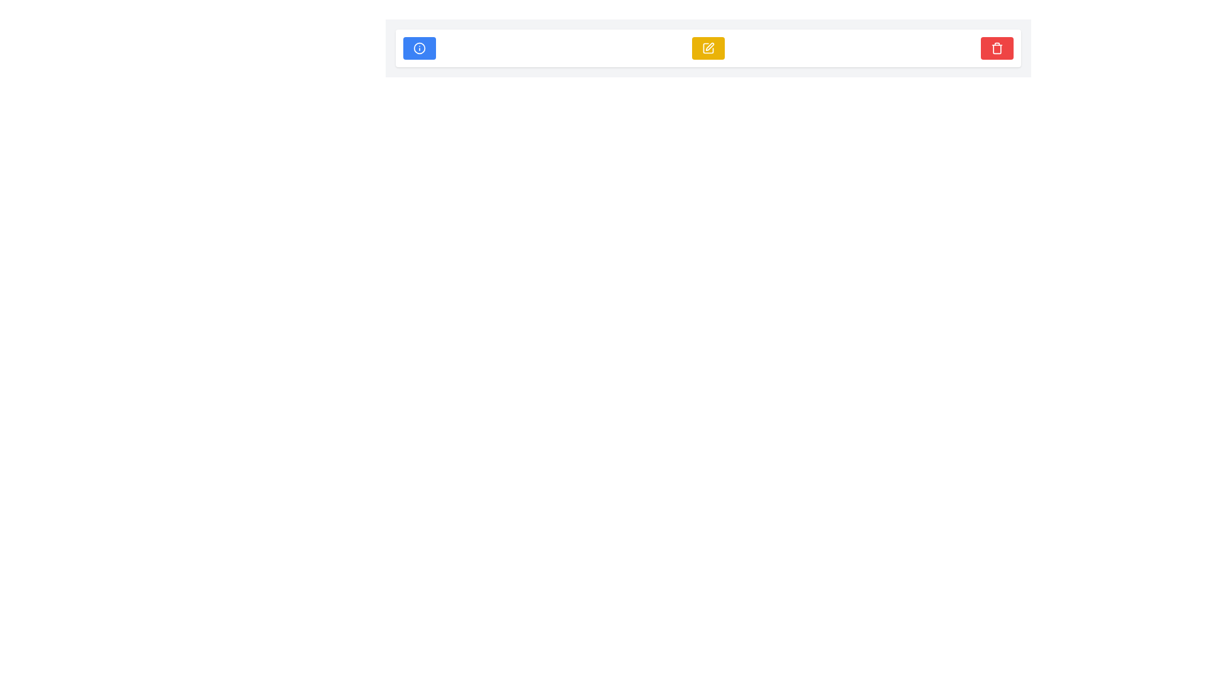  What do you see at coordinates (996, 48) in the screenshot?
I see `the 'Delete Task' button, which has a red background, white text, and a trash can icon` at bounding box center [996, 48].